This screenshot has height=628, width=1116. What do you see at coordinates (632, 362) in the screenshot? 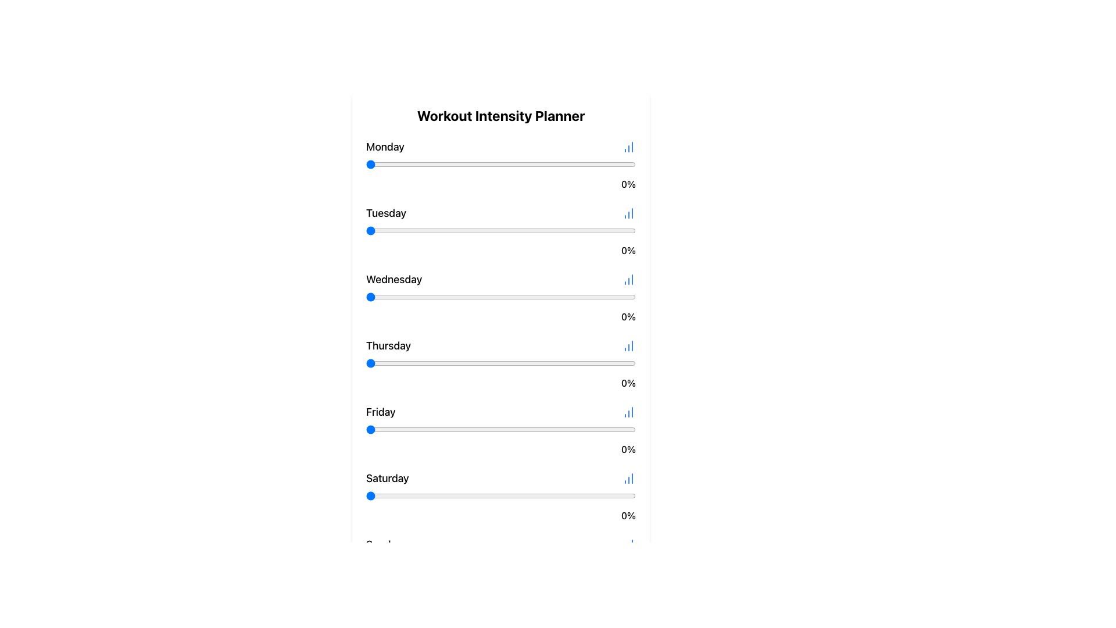
I see `the 'Thursday' slider` at bounding box center [632, 362].